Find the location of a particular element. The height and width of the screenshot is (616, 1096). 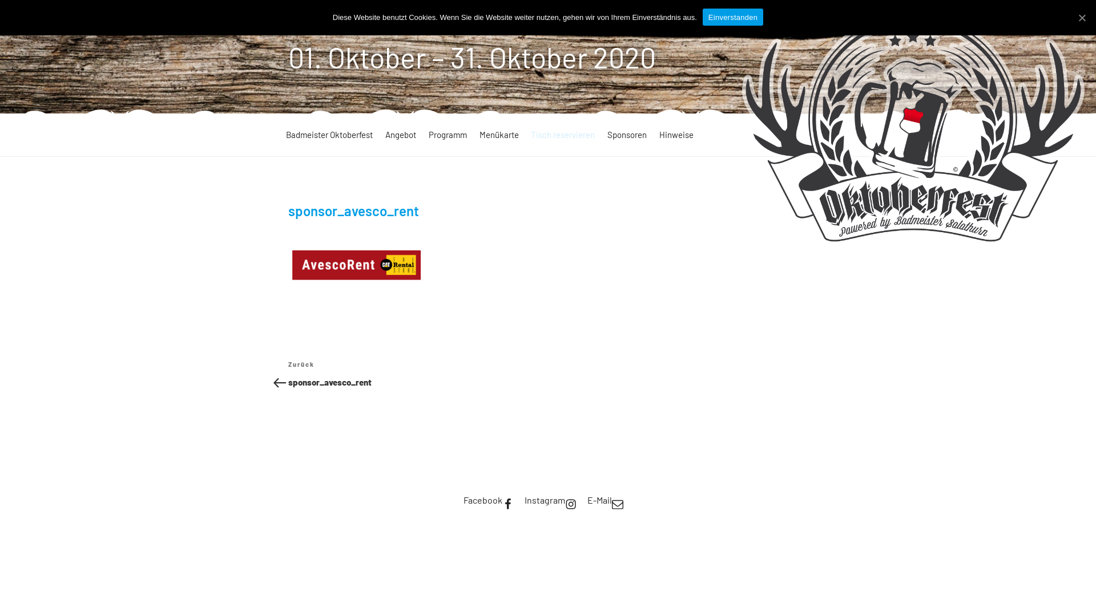

'Facebook' is located at coordinates (488, 499).